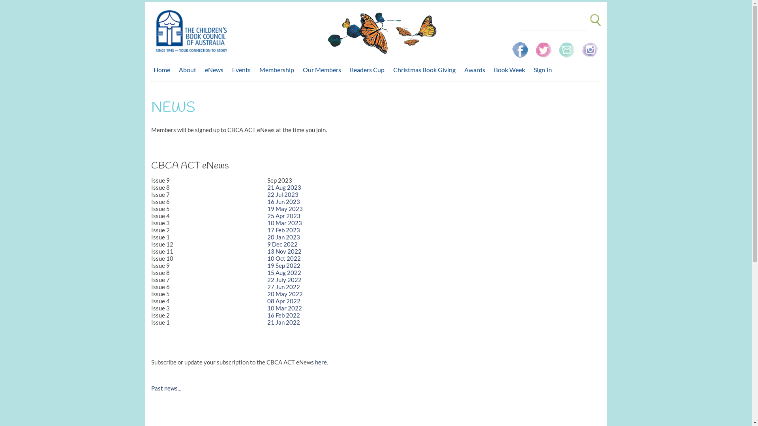 The width and height of the screenshot is (758, 426). What do you see at coordinates (202, 69) in the screenshot?
I see `'eNews'` at bounding box center [202, 69].